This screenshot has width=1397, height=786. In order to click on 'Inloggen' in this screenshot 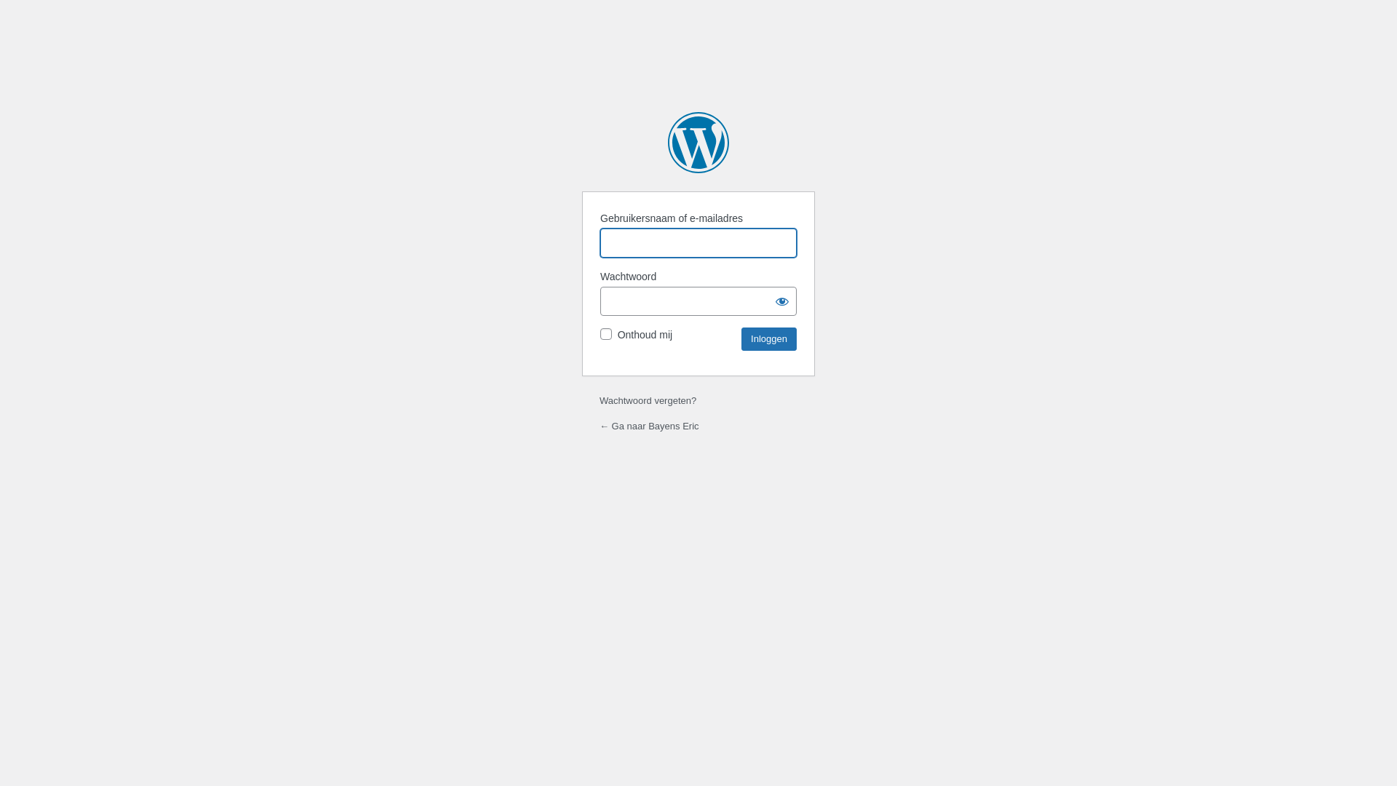, I will do `click(768, 339)`.